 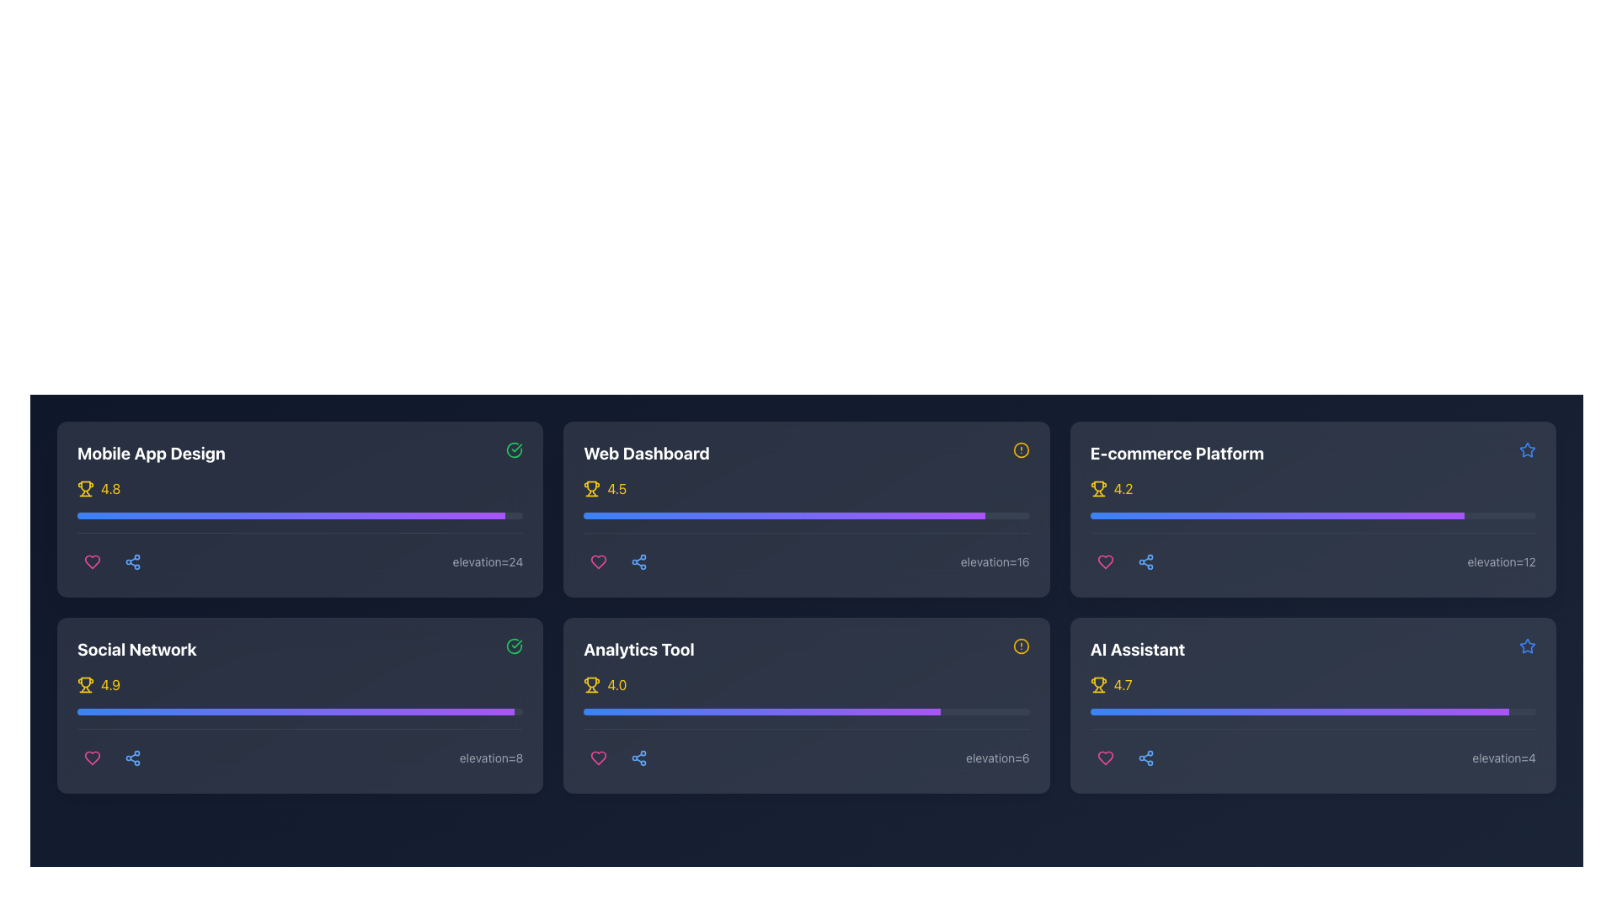 I want to click on the circular border of the alert icon located at the top-right corner of the 'Web Dashboard' card to draw attention to the critical state or notification, so click(x=1020, y=449).